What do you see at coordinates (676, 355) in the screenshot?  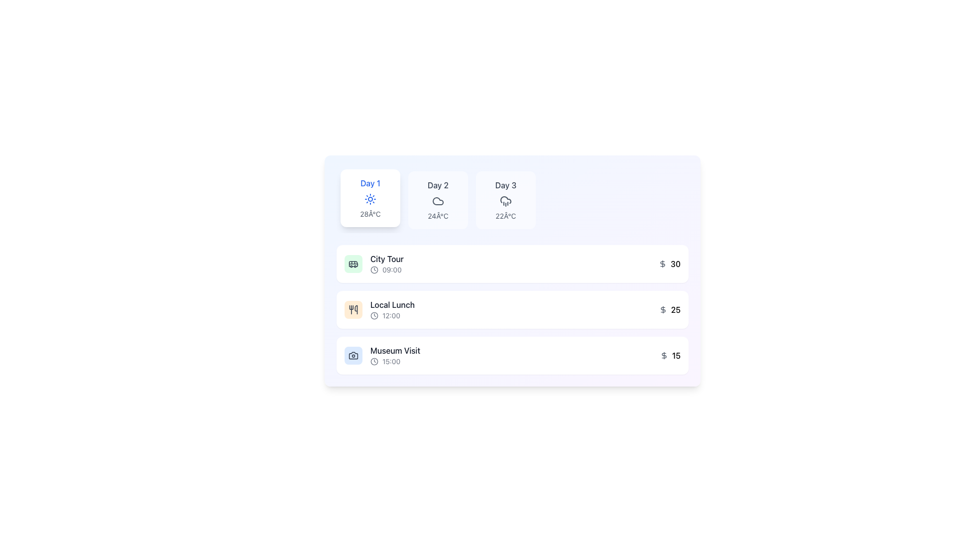 I see `the static text element displaying the cost of the Museum Visit, located in the monetary information section to the right of the dollar sign` at bounding box center [676, 355].